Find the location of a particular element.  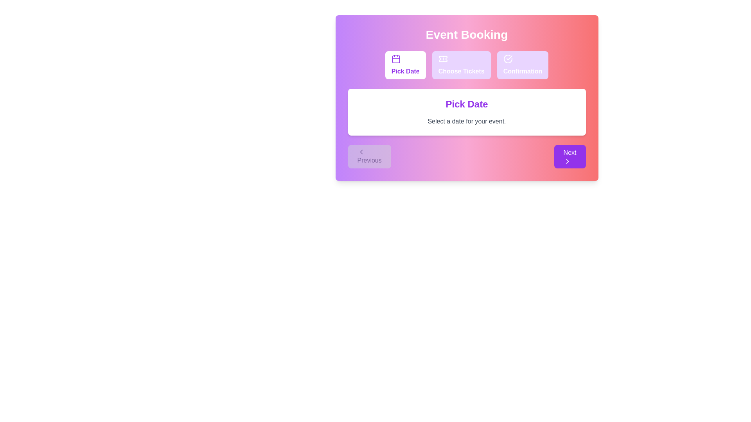

the small ticket icon located inside the 'Choose Tickets' button, which has a purple background and rounded corners, in the Event Booking interface is located at coordinates (443, 58).